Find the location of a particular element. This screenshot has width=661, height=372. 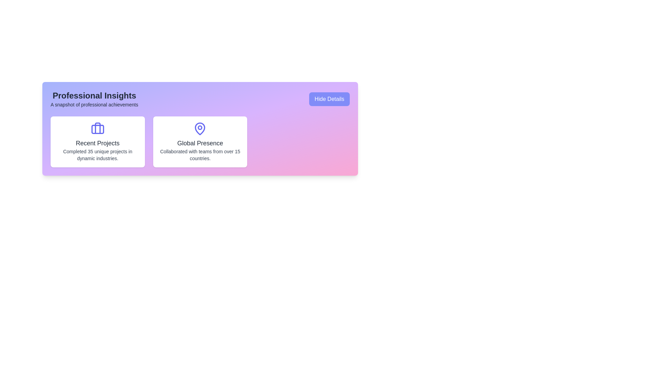

displayed information from the first card in the 'Professional Insights' section that summarizes a user's recent projects and achievements is located at coordinates (97, 142).